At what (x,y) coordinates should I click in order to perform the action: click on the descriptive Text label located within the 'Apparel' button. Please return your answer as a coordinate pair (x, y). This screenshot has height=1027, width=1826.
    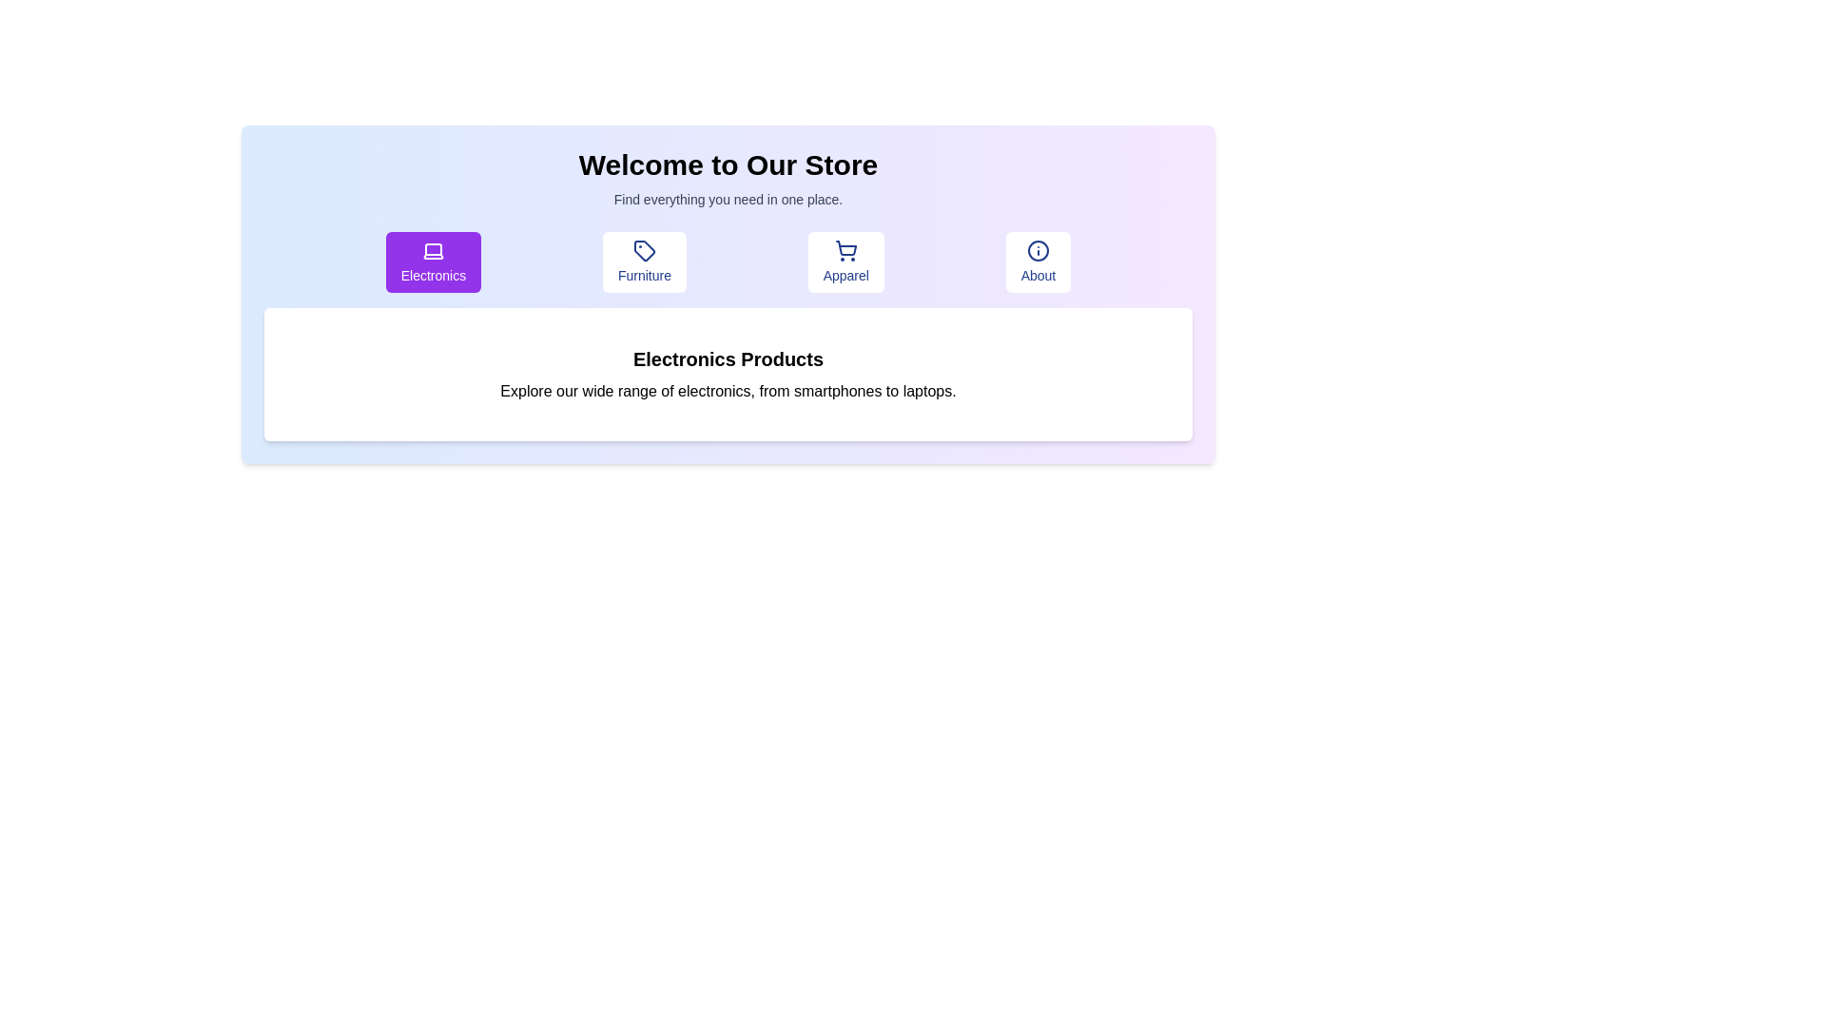
    Looking at the image, I should click on (845, 275).